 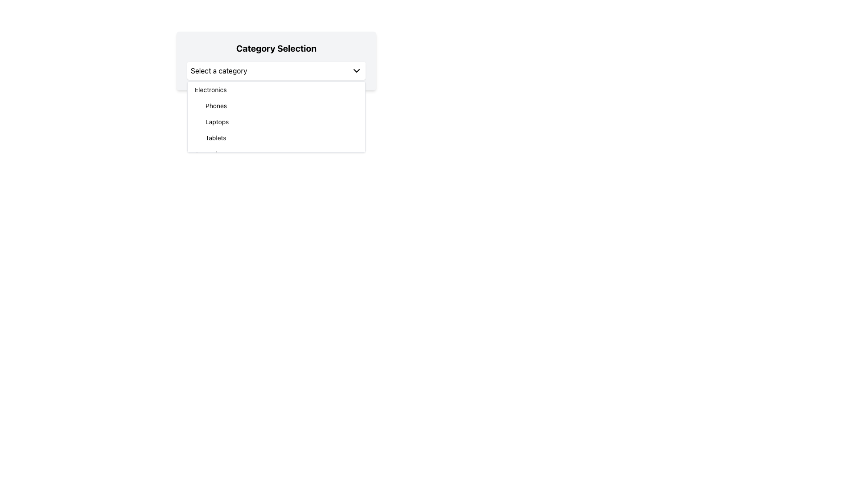 What do you see at coordinates (276, 122) in the screenshot?
I see `the dropdown menu item group containing 'Phones', 'Laptops', and 'Tablets'` at bounding box center [276, 122].